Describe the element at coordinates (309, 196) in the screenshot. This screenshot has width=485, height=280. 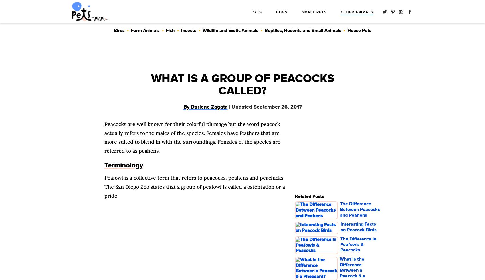
I see `'Related Posts'` at that location.